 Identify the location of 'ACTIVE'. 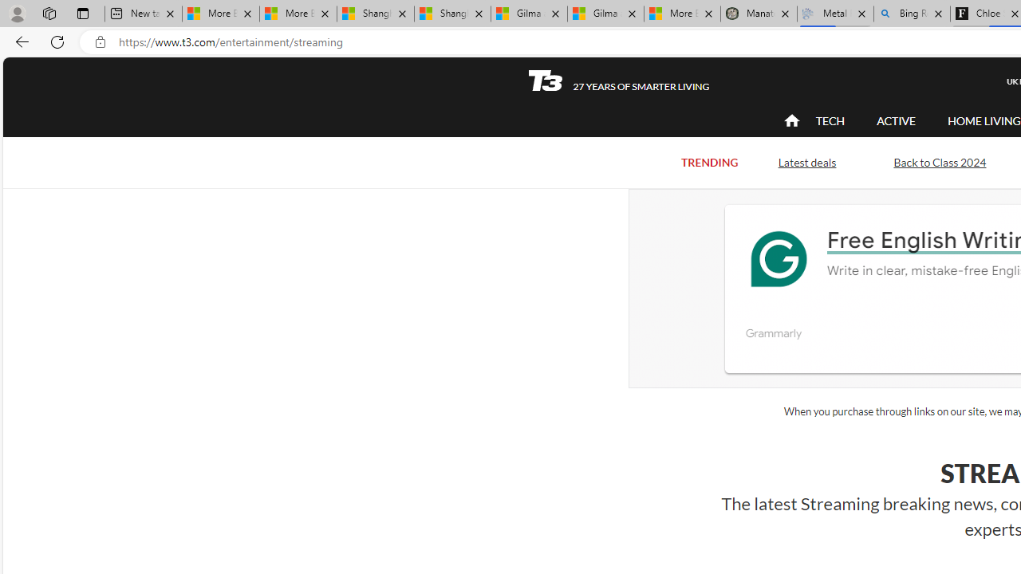
(897, 120).